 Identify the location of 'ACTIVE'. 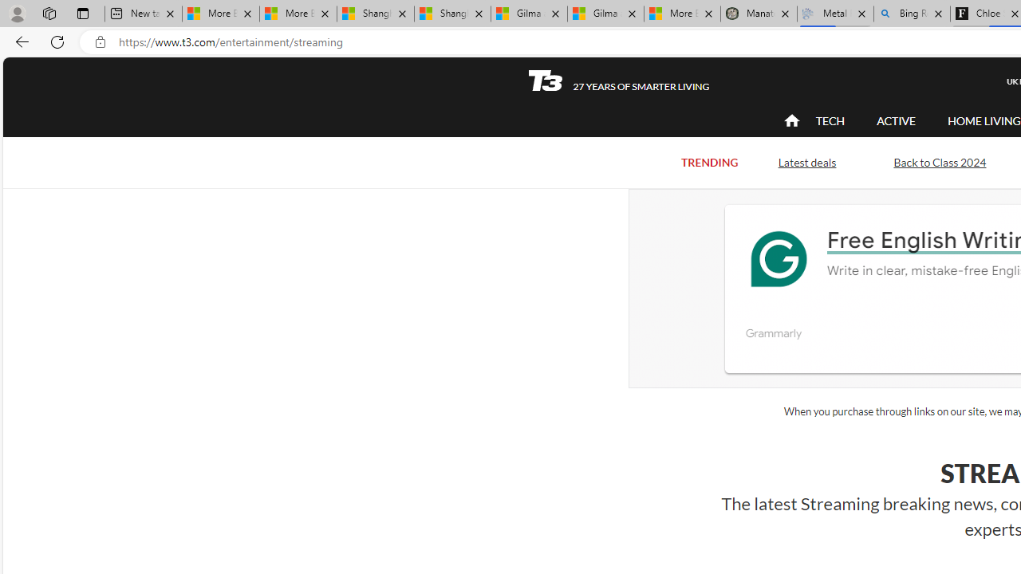
(897, 120).